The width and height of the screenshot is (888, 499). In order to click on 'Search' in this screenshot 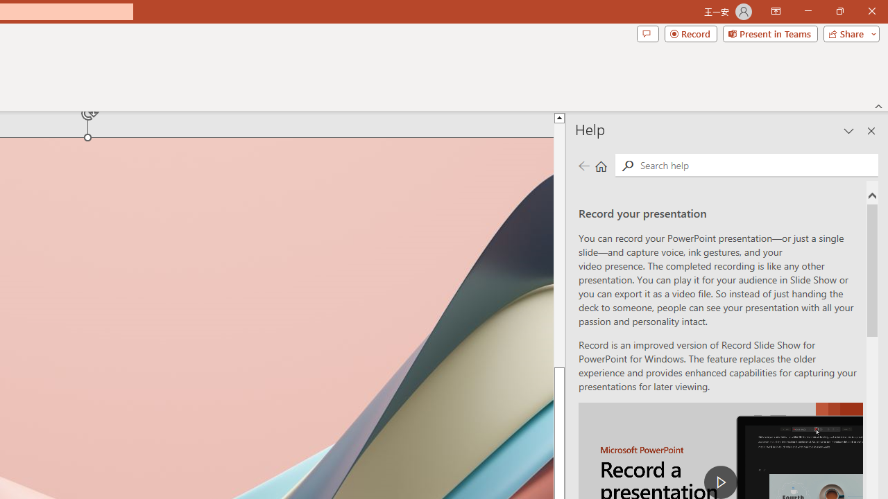, I will do `click(626, 165)`.